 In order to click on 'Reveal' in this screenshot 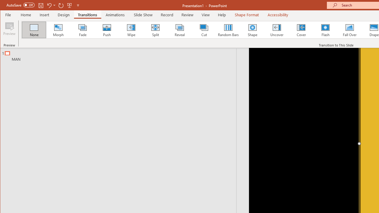, I will do `click(179, 30)`.